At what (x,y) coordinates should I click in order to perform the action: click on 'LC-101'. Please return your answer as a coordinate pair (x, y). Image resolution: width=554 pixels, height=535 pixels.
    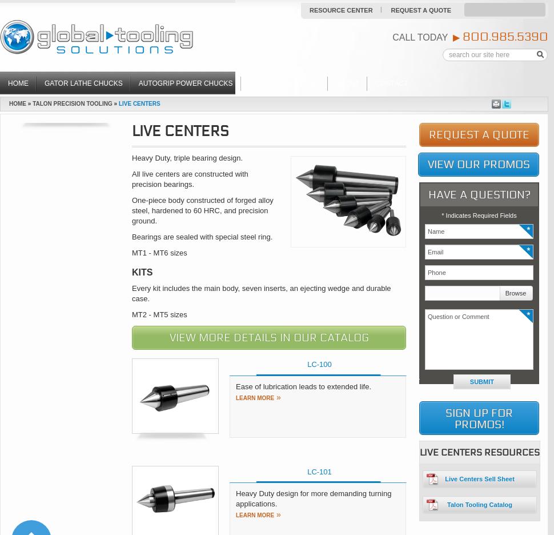
    Looking at the image, I should click on (319, 471).